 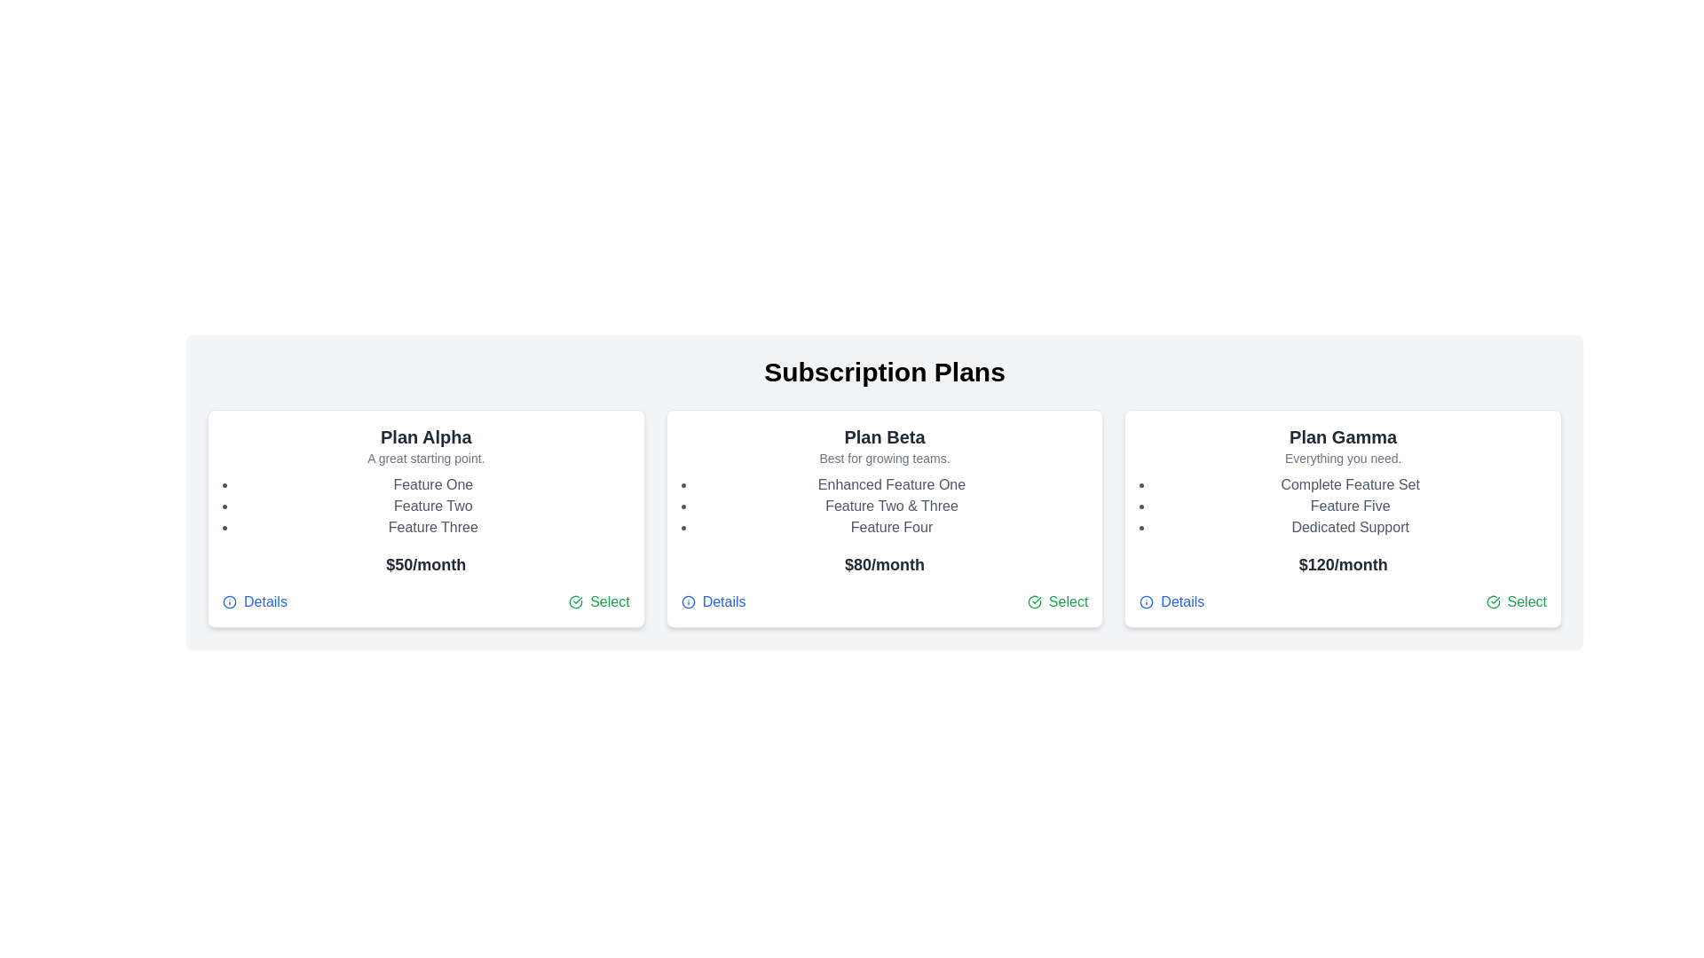 I want to click on the decorative icon within the 'Details' link for the 'Plan Gamma' subscription card, located to the left of the text 'Details', so click(x=1147, y=601).